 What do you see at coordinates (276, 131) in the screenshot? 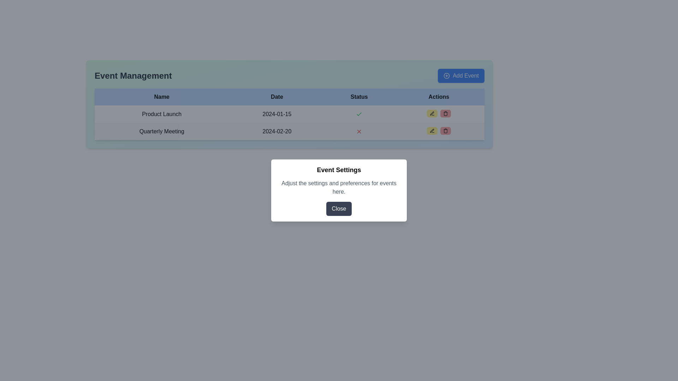
I see `the text label displaying '2024-02-20' in the 'Date' column of the Event Management table, which is located in the second row and aligns with the 'Quarterly Meeting' entry` at bounding box center [276, 131].